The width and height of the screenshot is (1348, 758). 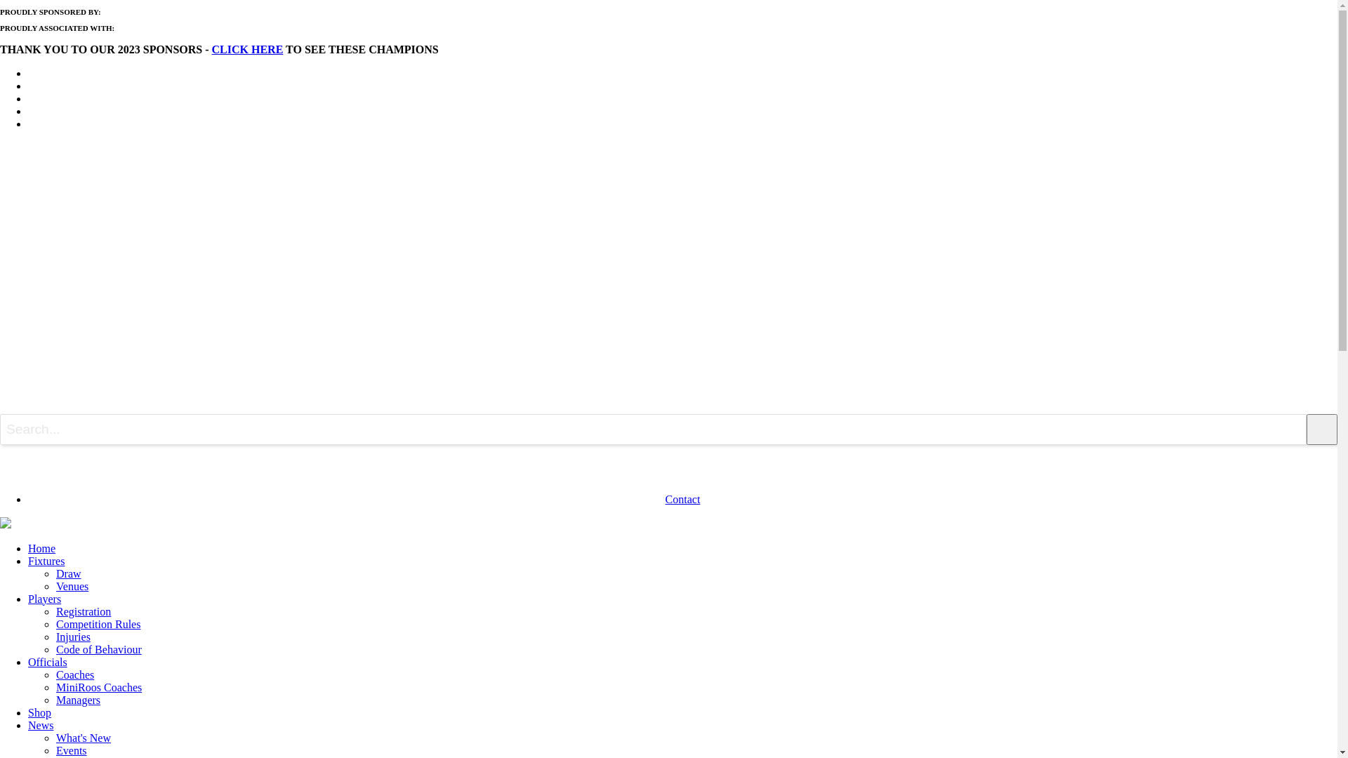 I want to click on 'Registration', so click(x=83, y=611).